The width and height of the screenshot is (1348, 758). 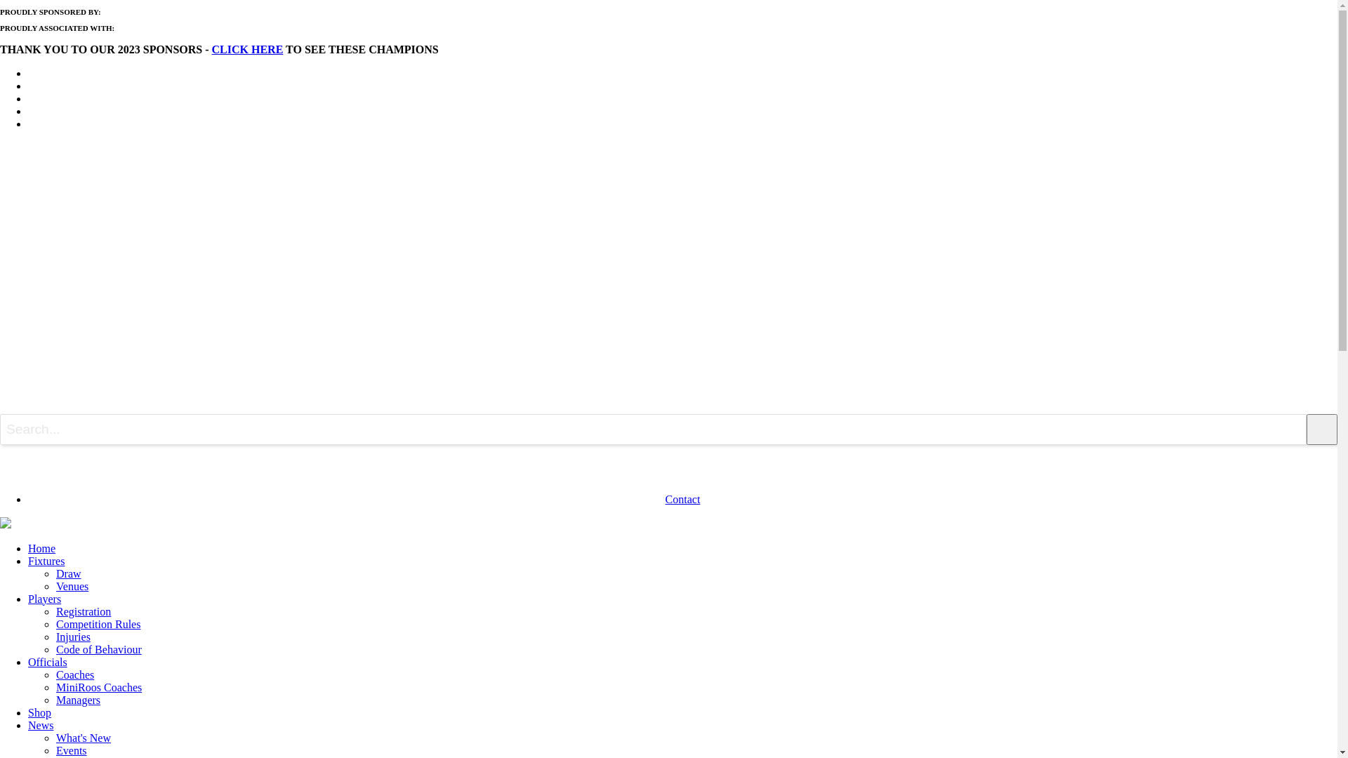 I want to click on 'Registration', so click(x=83, y=611).